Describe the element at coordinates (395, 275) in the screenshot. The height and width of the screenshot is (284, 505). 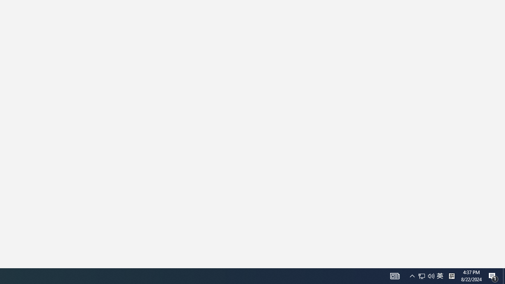
I see `'User Promoted Notification Area'` at that location.